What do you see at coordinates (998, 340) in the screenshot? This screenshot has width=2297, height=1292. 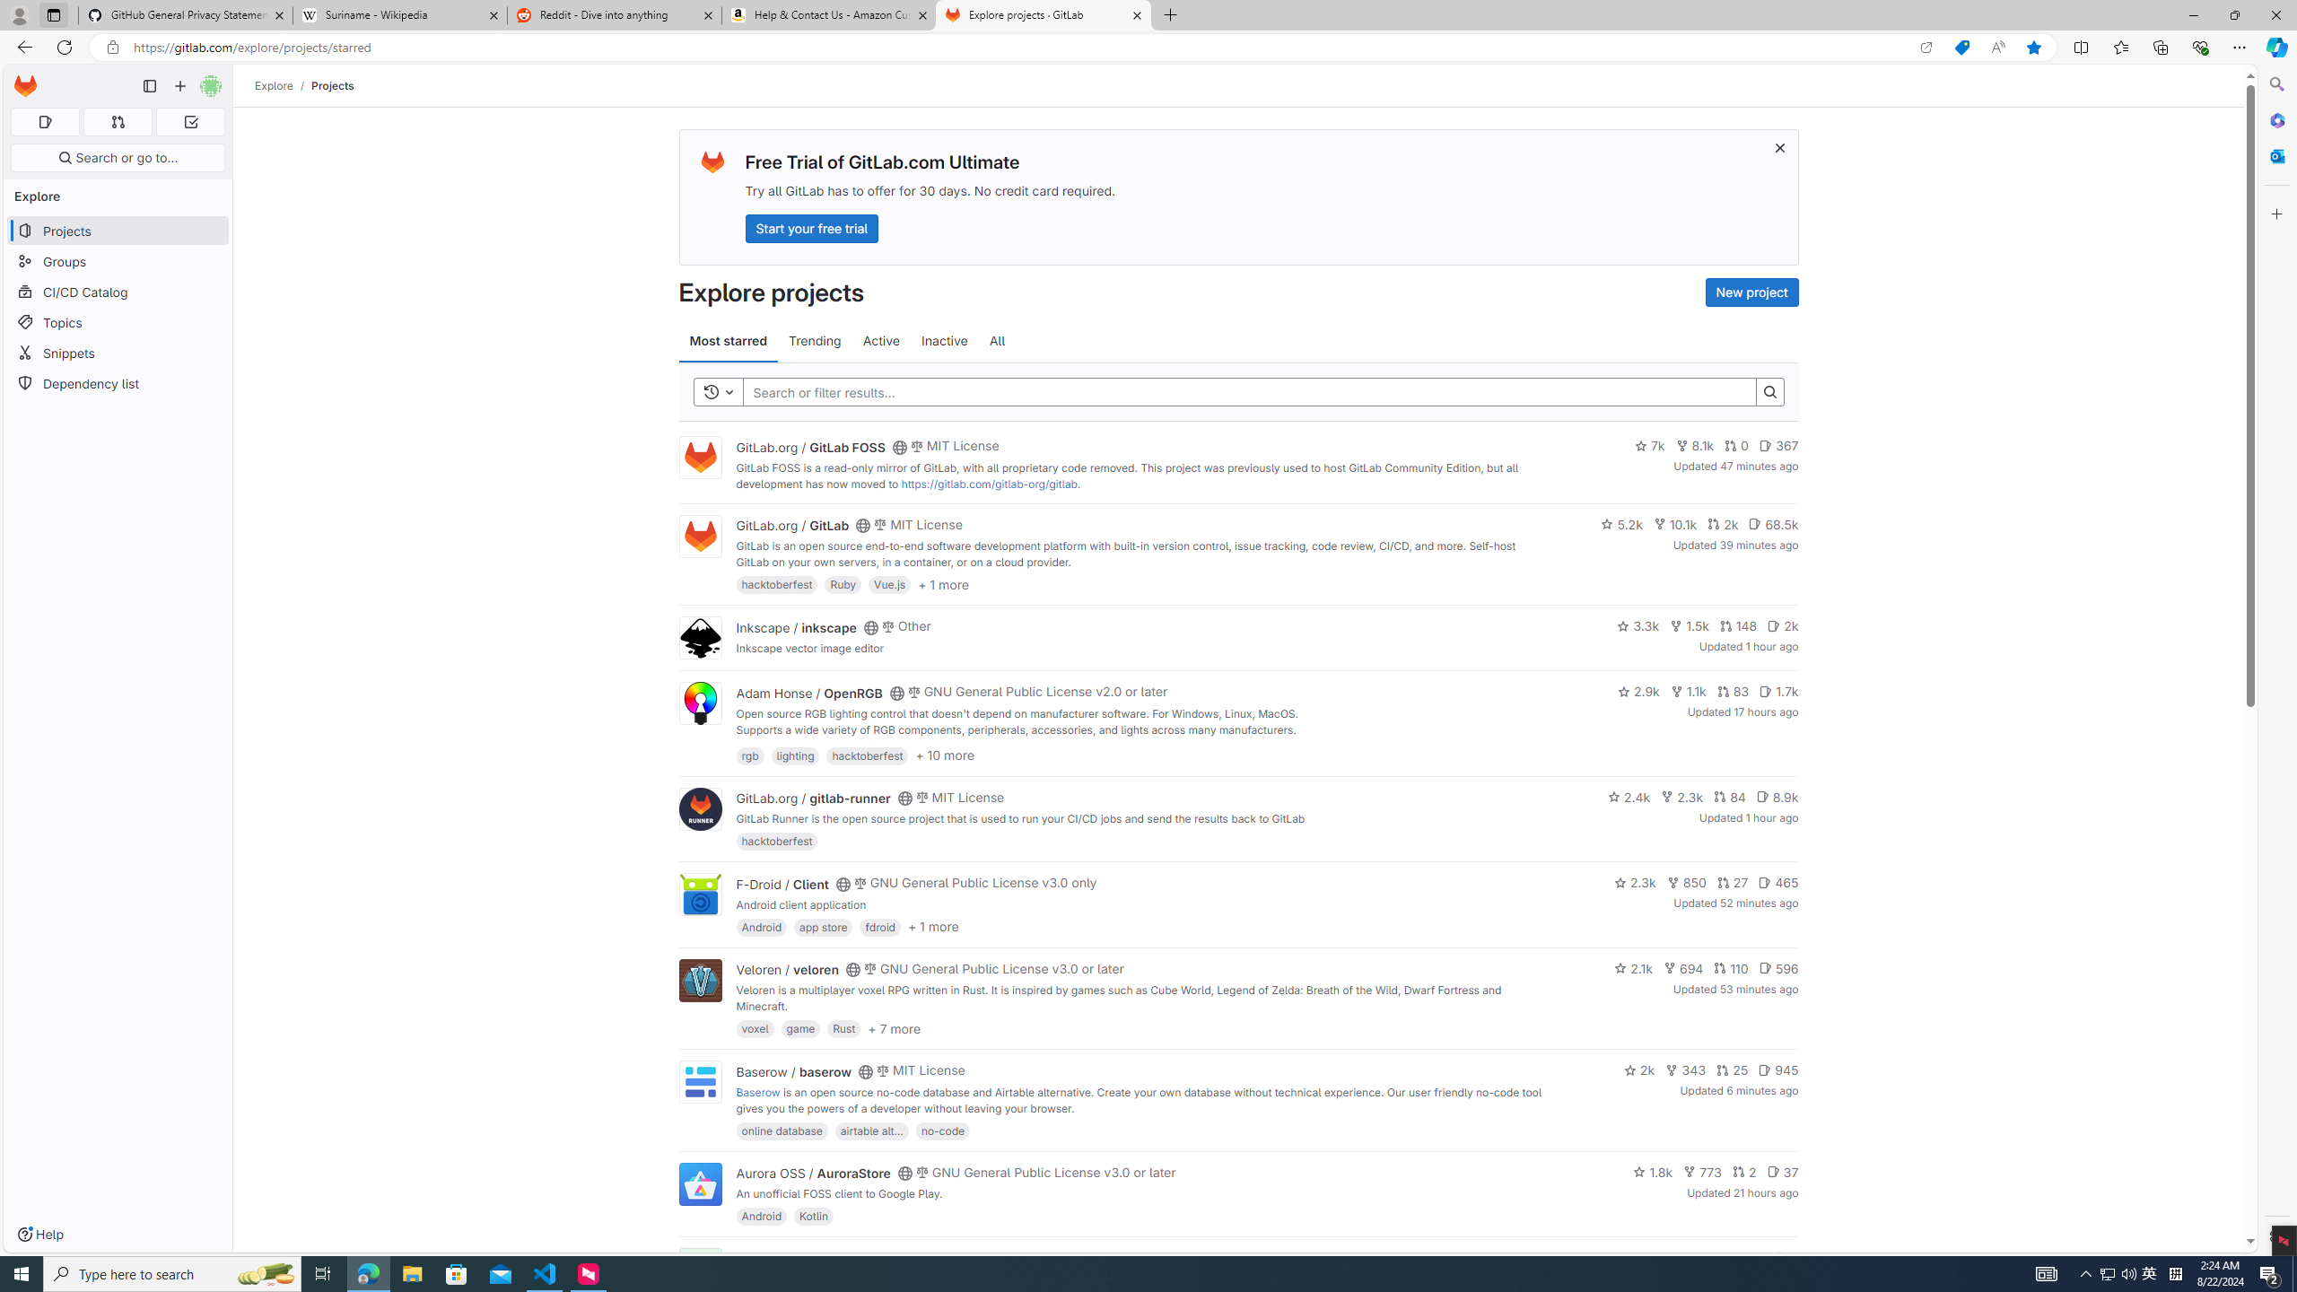 I see `'All'` at bounding box center [998, 340].